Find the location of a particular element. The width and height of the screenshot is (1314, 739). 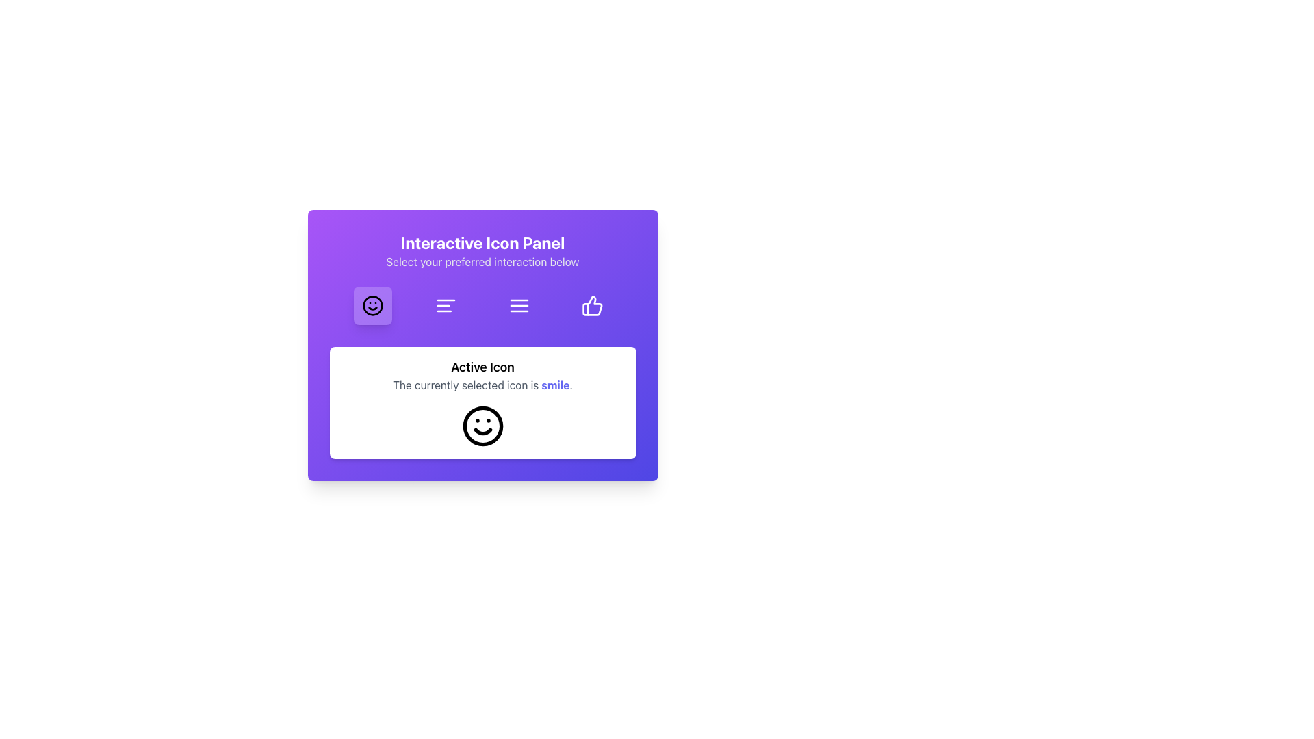

the circular SVG element with a solid black outline and purple fill, which is part of the smiling face icon located in the header of the interface pane is located at coordinates (372, 305).